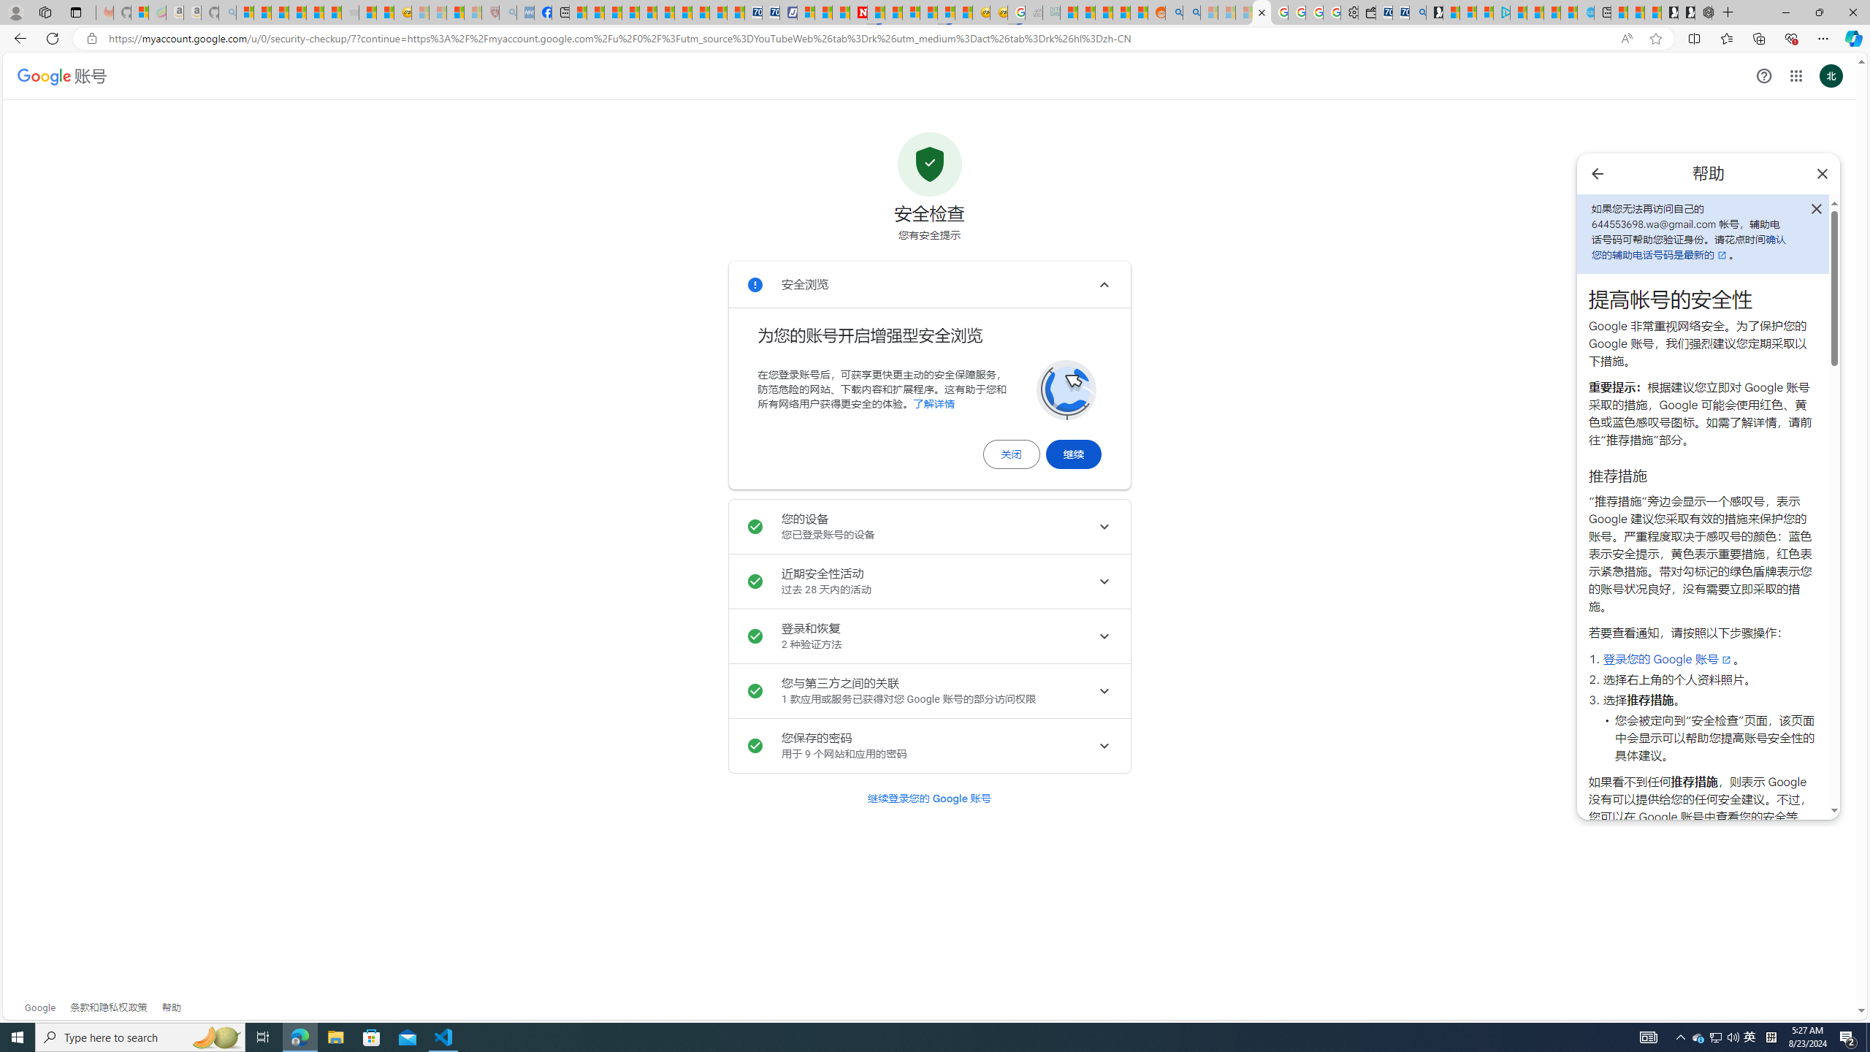  I want to click on 'Utah sues federal government - Search', so click(1191, 12).